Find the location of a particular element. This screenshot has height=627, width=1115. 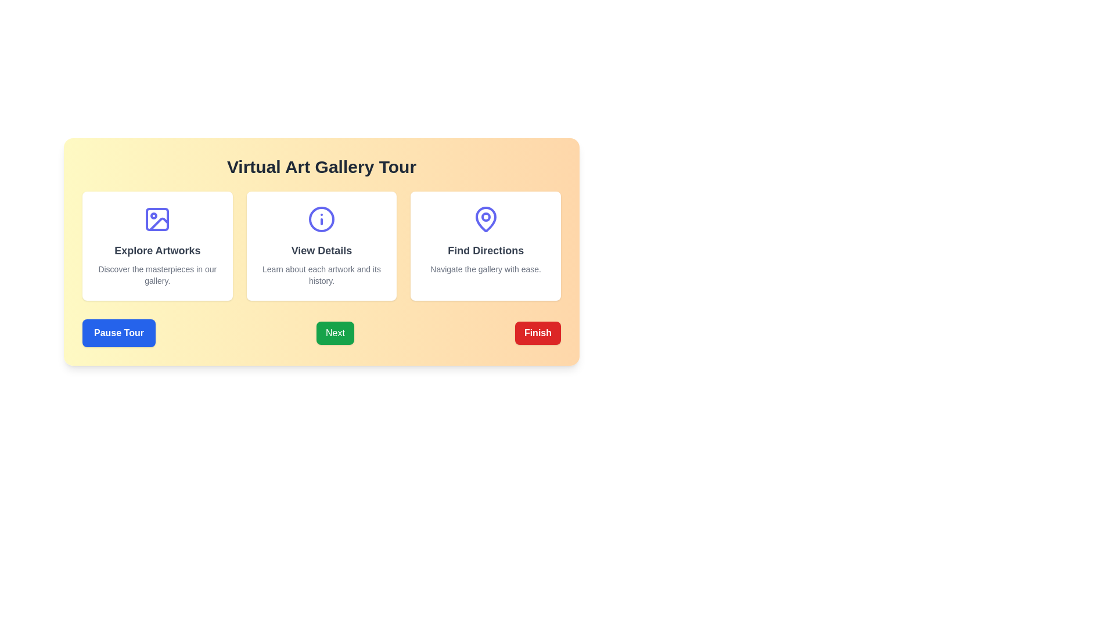

the 'Next' button, which is centrally placed among three buttons at the bottom of a card-like section is located at coordinates (321, 333).